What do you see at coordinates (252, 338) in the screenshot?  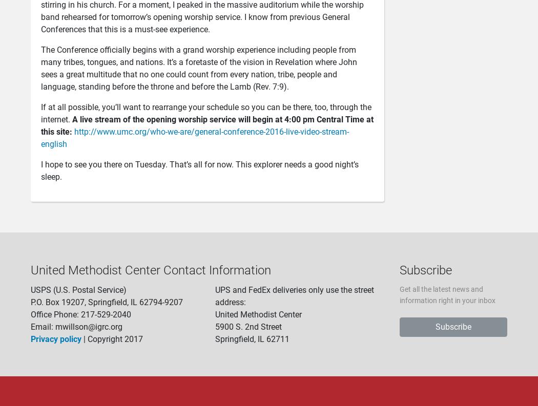 I see `'Springfield, IL 62711'` at bounding box center [252, 338].